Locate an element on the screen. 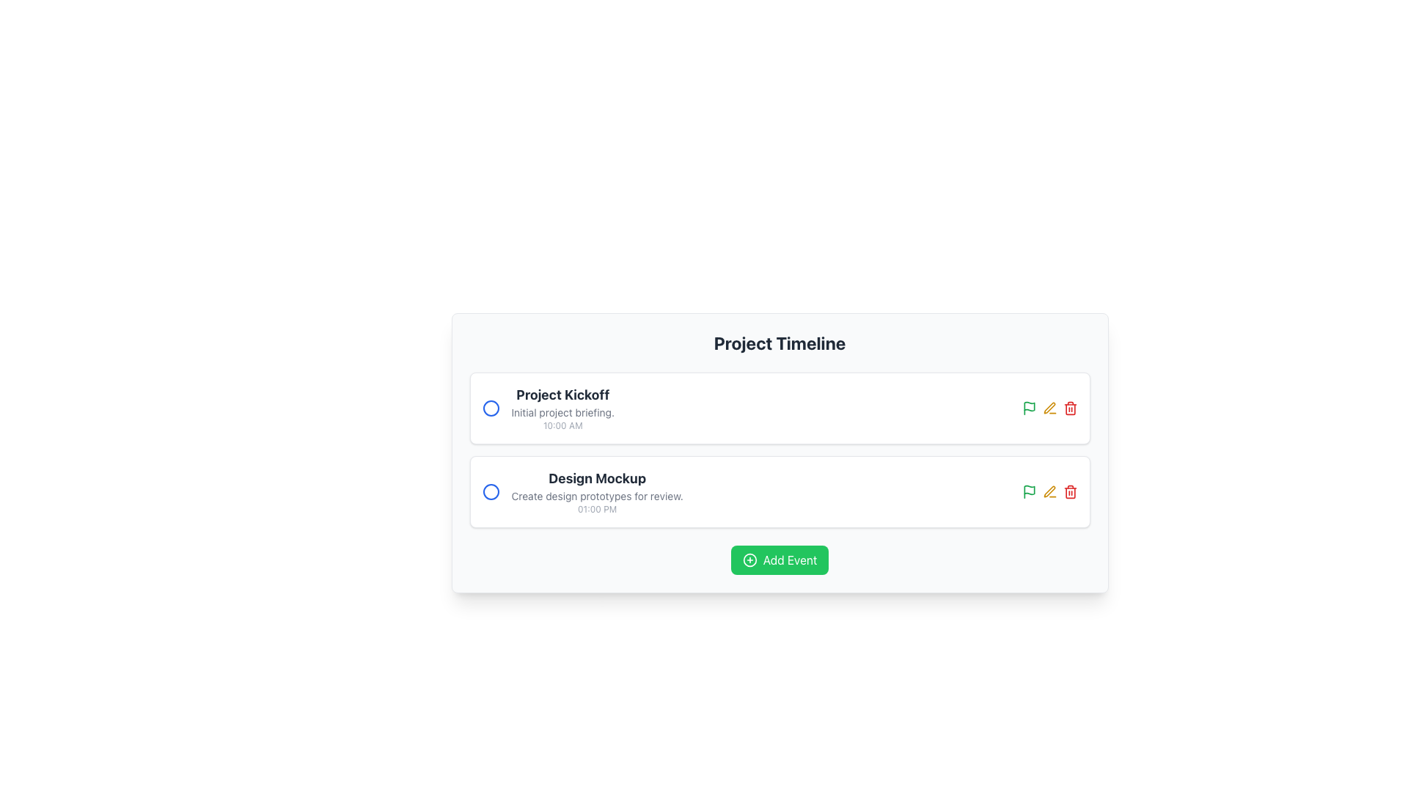 The width and height of the screenshot is (1408, 792). the blue circular icon located to the left of the text 'Design Mockup' is located at coordinates (491, 492).